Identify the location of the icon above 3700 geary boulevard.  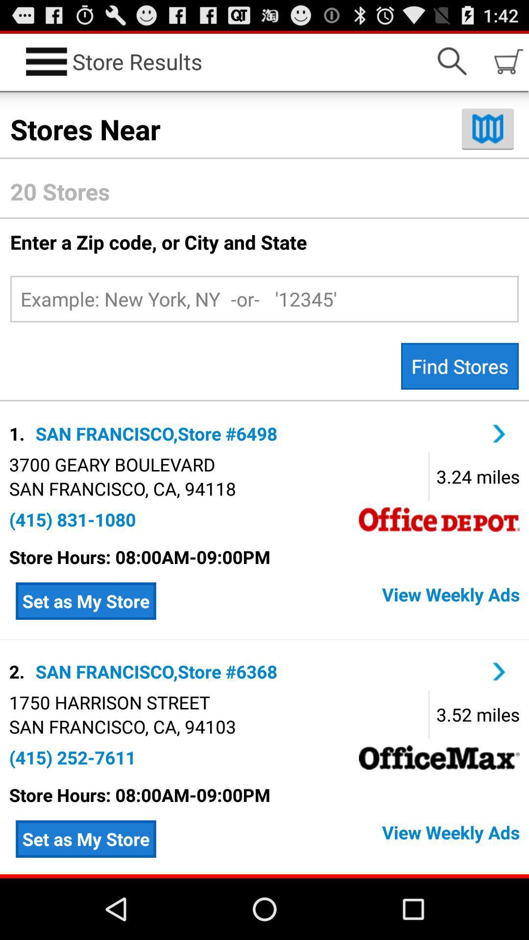
(19, 433).